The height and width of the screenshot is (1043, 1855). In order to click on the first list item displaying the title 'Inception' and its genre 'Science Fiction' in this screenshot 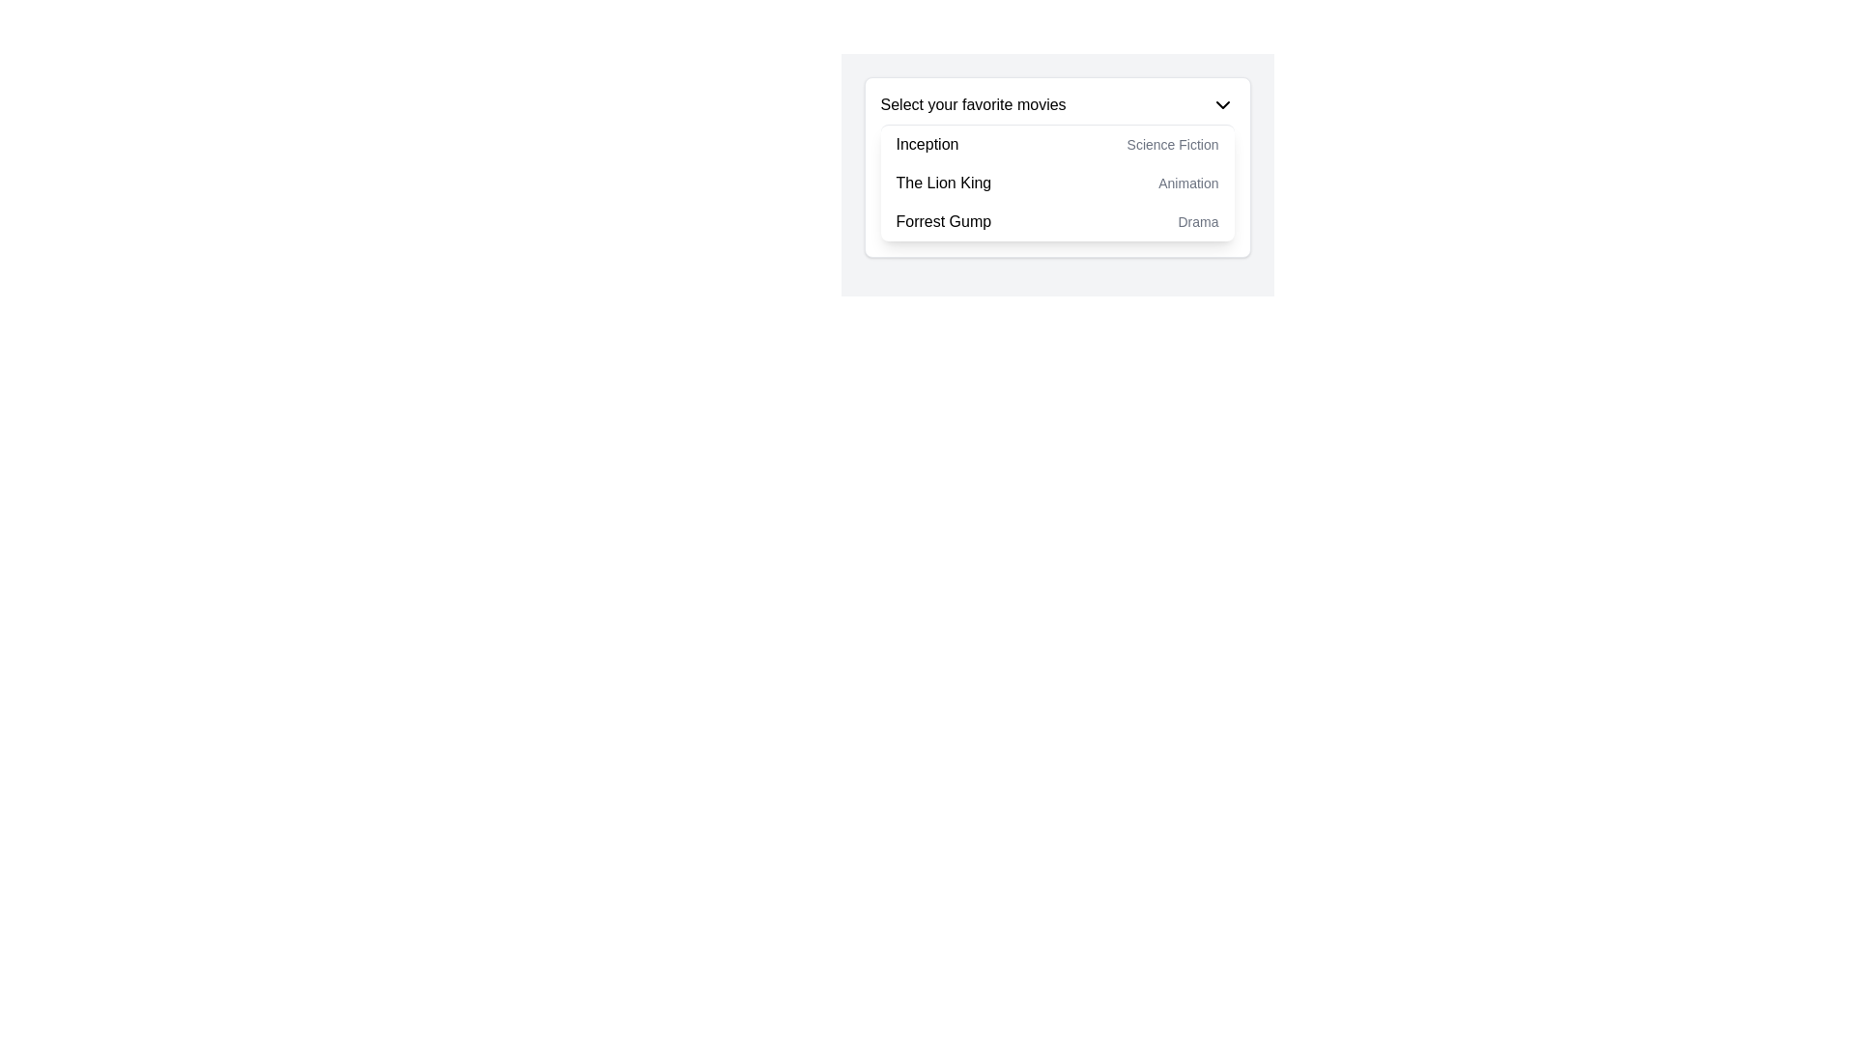, I will do `click(1056, 144)`.